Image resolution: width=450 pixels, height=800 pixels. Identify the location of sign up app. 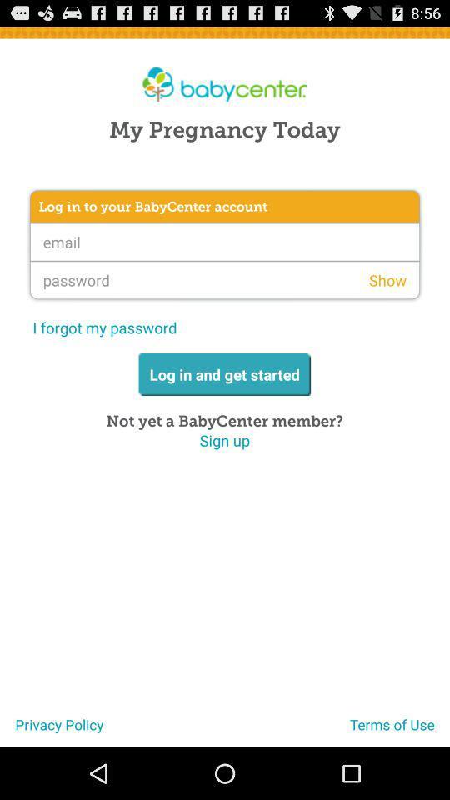
(224, 439).